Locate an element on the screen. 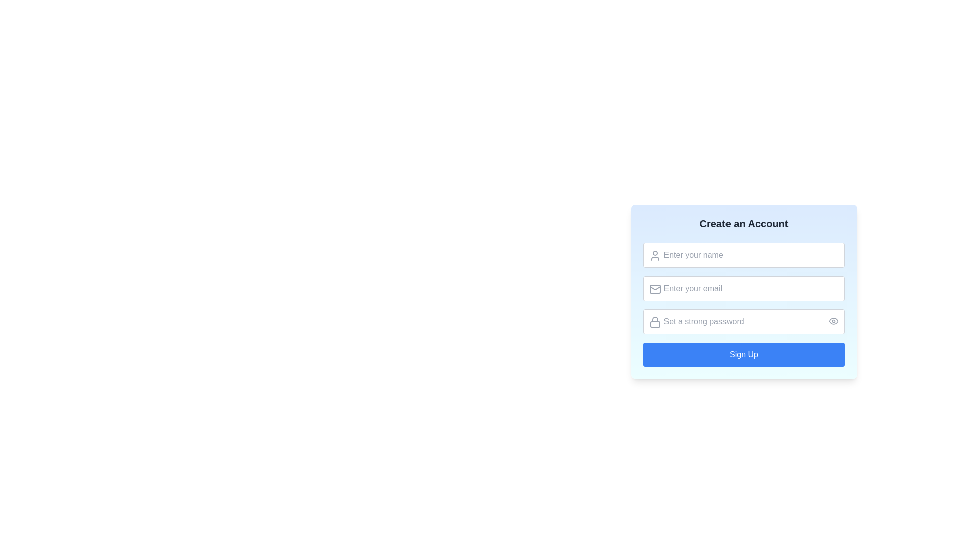  the user profile outline SVG icon located to the left of the 'Enter your name' text input field is located at coordinates (655, 255).